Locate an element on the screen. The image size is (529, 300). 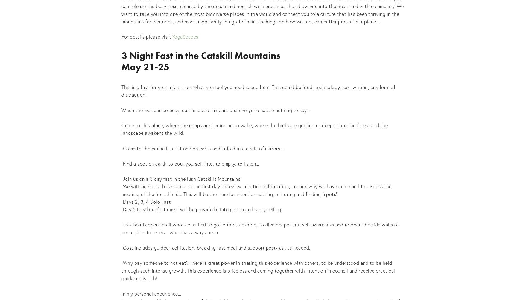
'3 Night Fast in the Catskill Mountains' is located at coordinates (202, 55).